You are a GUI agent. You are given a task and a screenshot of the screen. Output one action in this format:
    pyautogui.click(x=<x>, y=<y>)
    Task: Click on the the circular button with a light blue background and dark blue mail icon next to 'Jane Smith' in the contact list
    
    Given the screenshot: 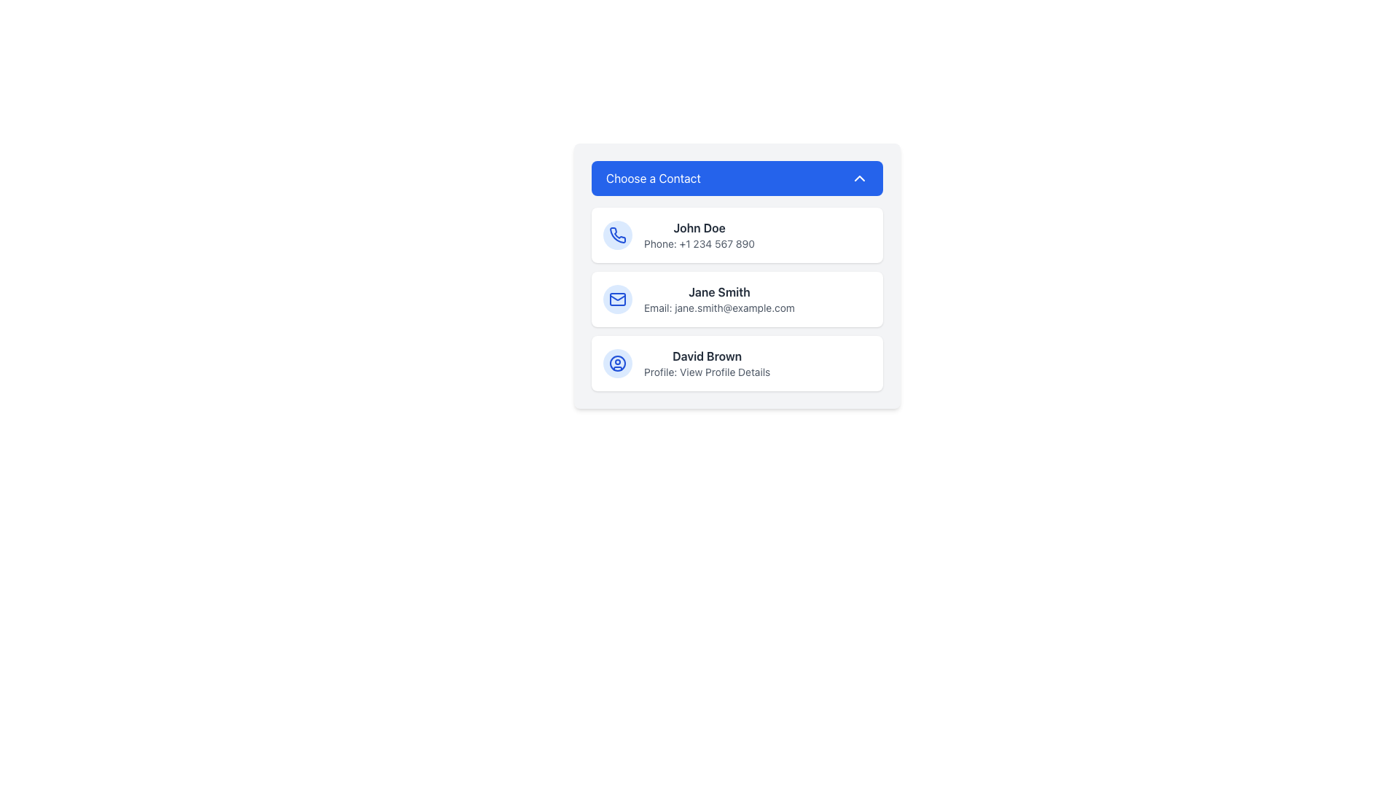 What is the action you would take?
    pyautogui.click(x=618, y=299)
    